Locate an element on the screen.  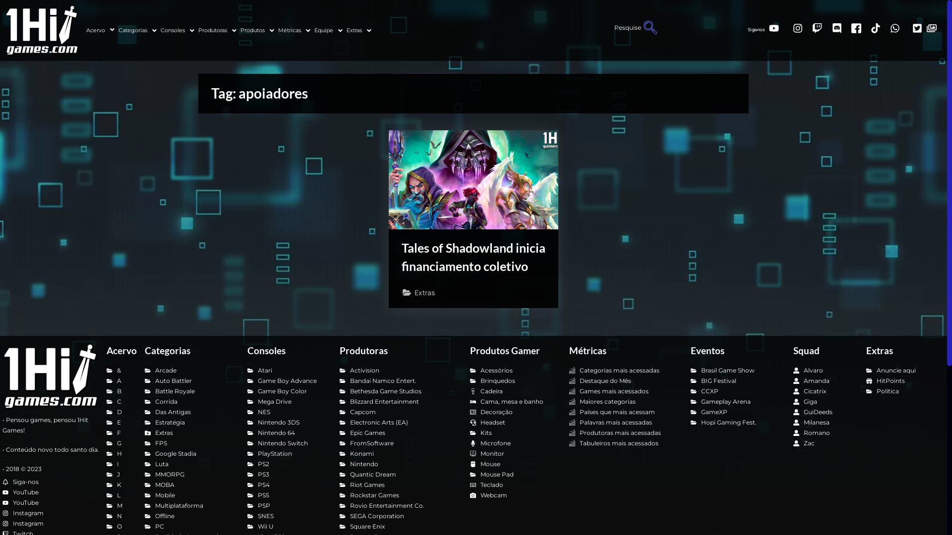
'Palavras mais acessadas' is located at coordinates (569, 422).